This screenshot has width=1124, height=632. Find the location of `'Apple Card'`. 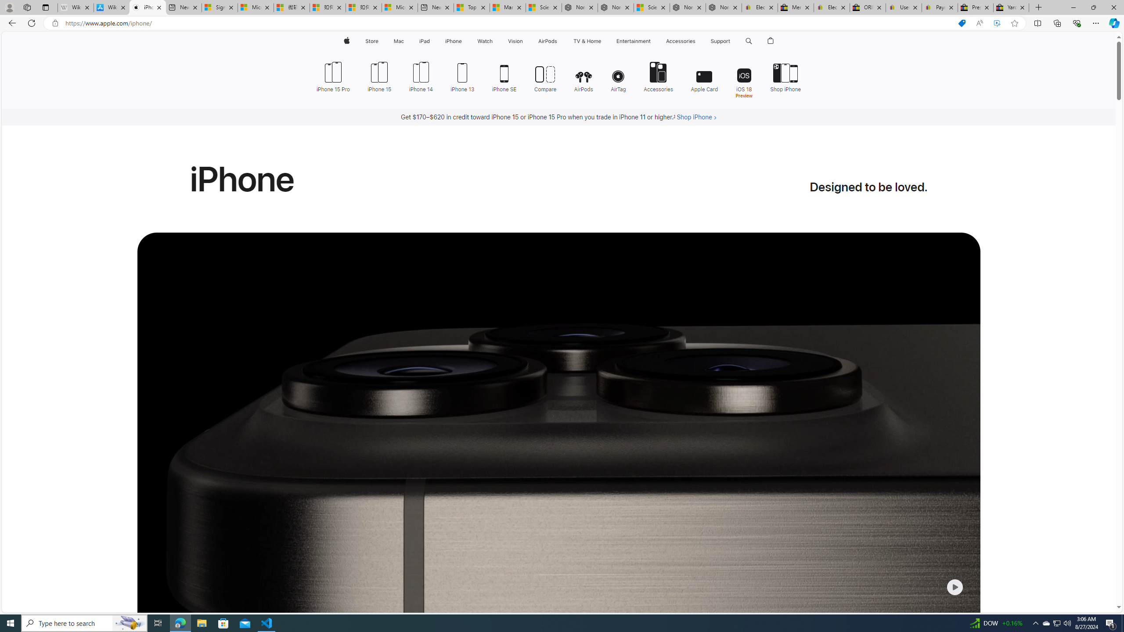

'Apple Card' is located at coordinates (703, 75).